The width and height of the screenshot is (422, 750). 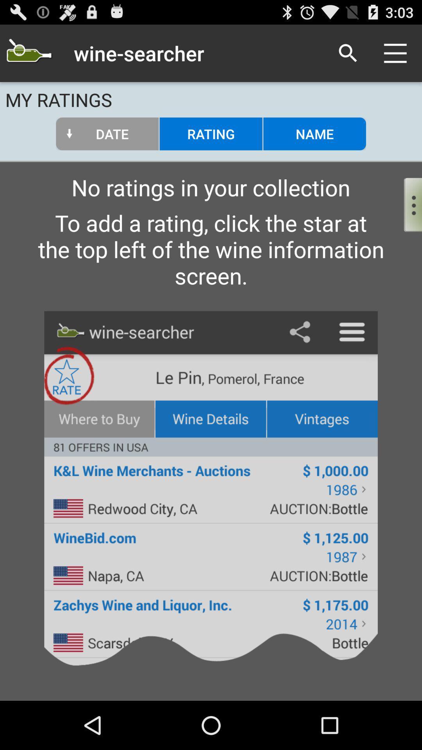 What do you see at coordinates (406, 203) in the screenshot?
I see `more options` at bounding box center [406, 203].